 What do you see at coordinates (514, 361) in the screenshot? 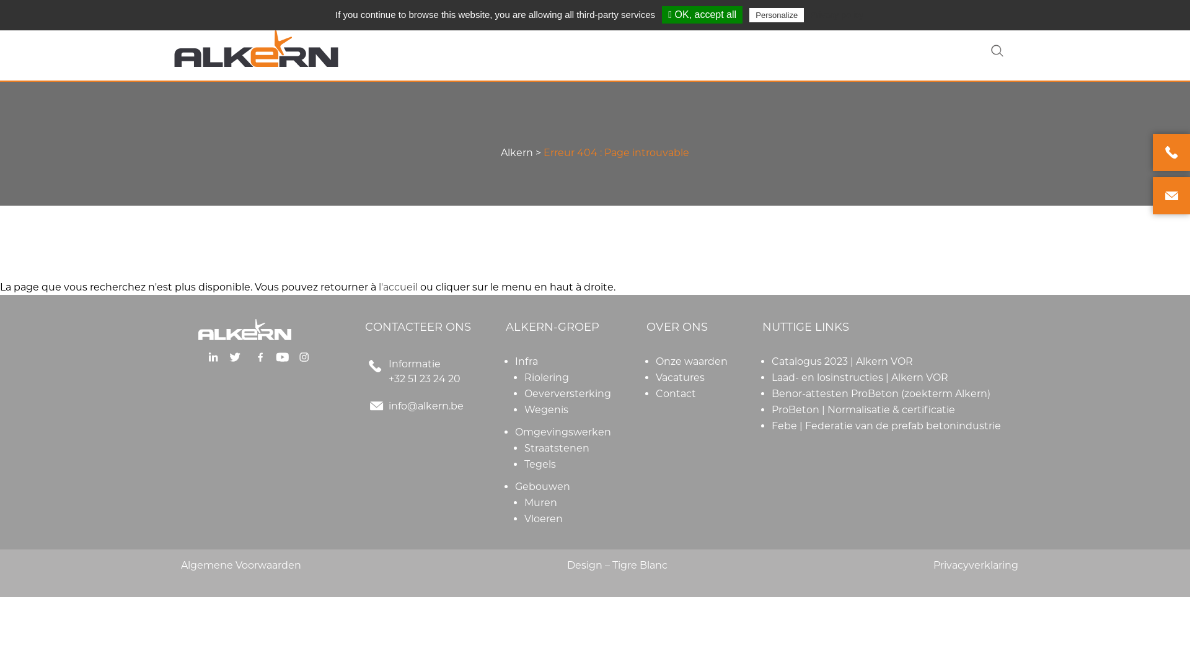
I see `'Infra'` at bounding box center [514, 361].